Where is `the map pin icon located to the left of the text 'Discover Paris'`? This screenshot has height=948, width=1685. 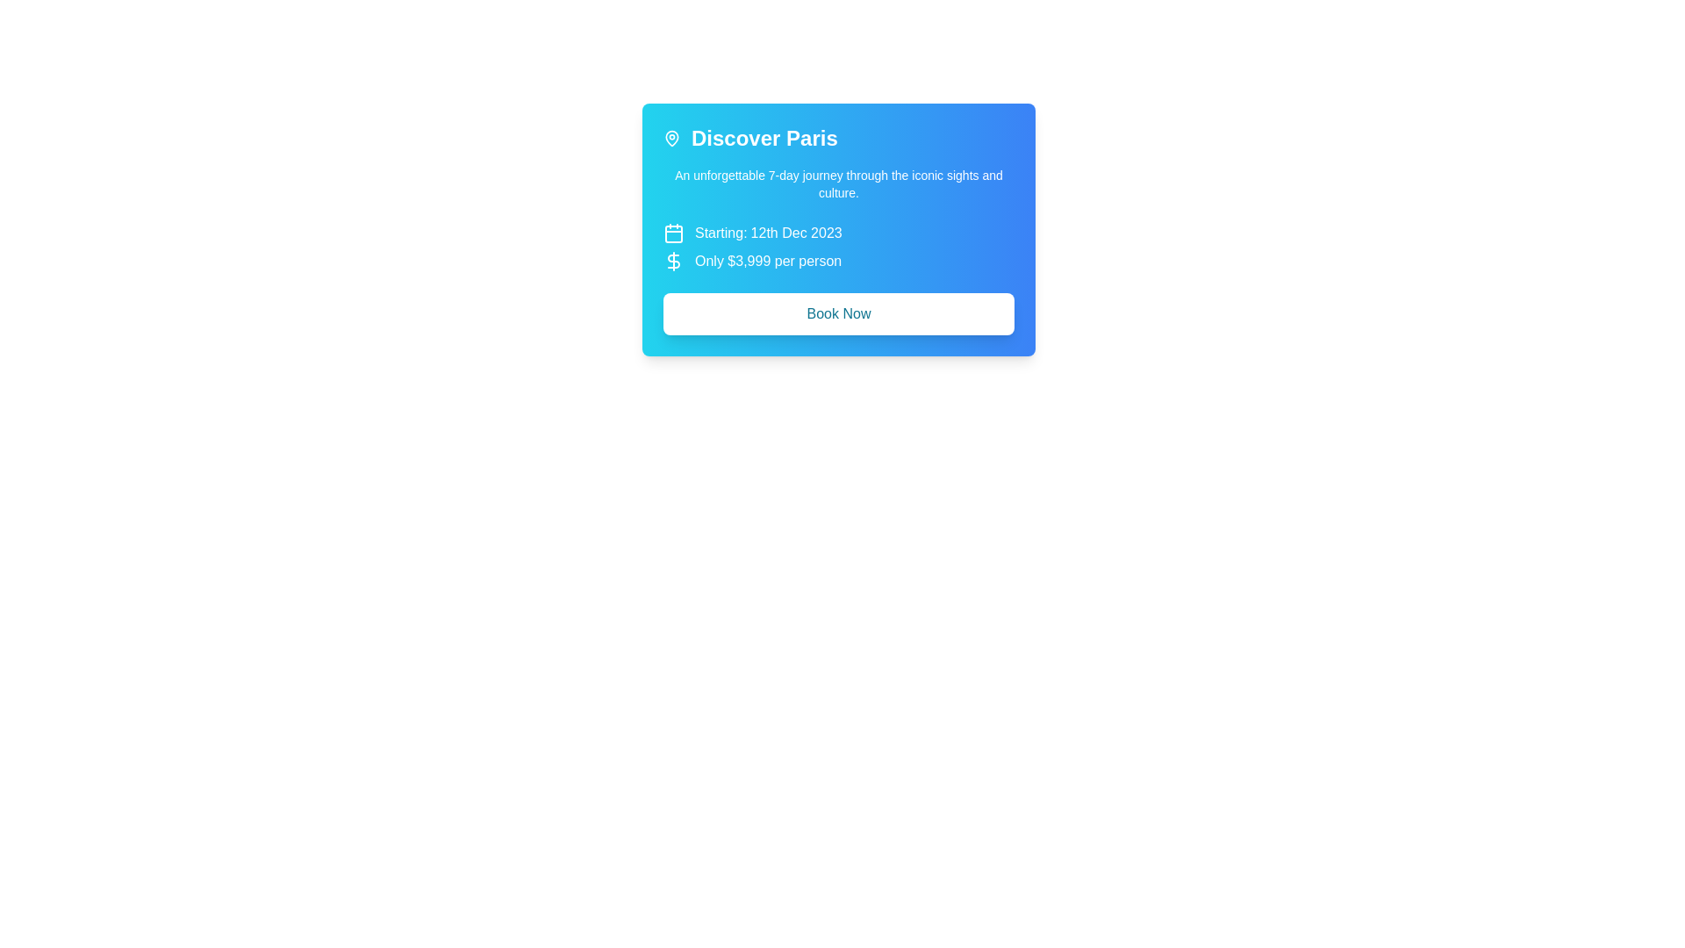 the map pin icon located to the left of the text 'Discover Paris' is located at coordinates (671, 138).